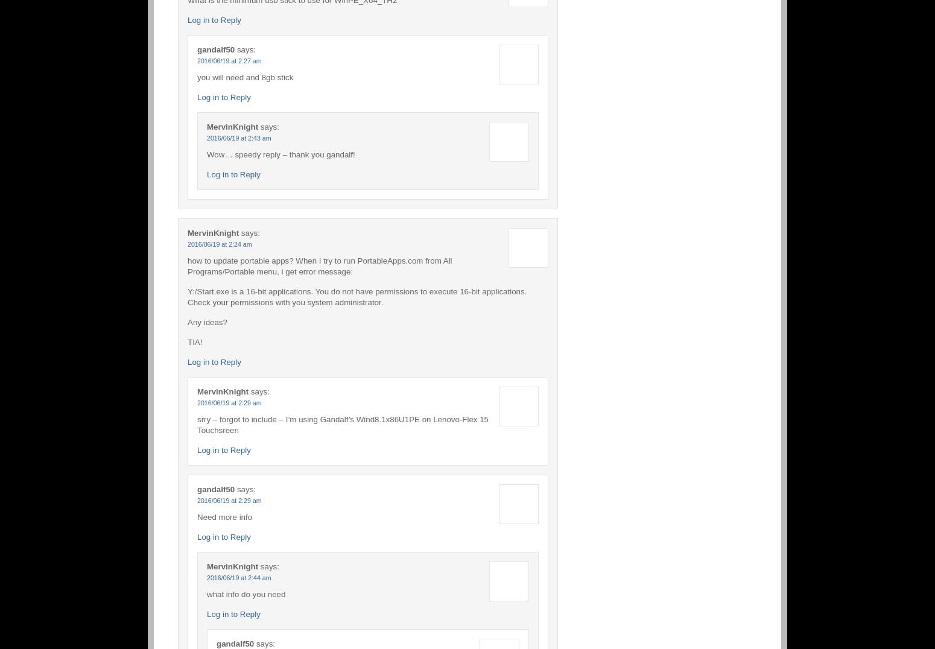 This screenshot has height=649, width=935. Describe the element at coordinates (239, 138) in the screenshot. I see `'2016/06/19 at 2:43 am'` at that location.